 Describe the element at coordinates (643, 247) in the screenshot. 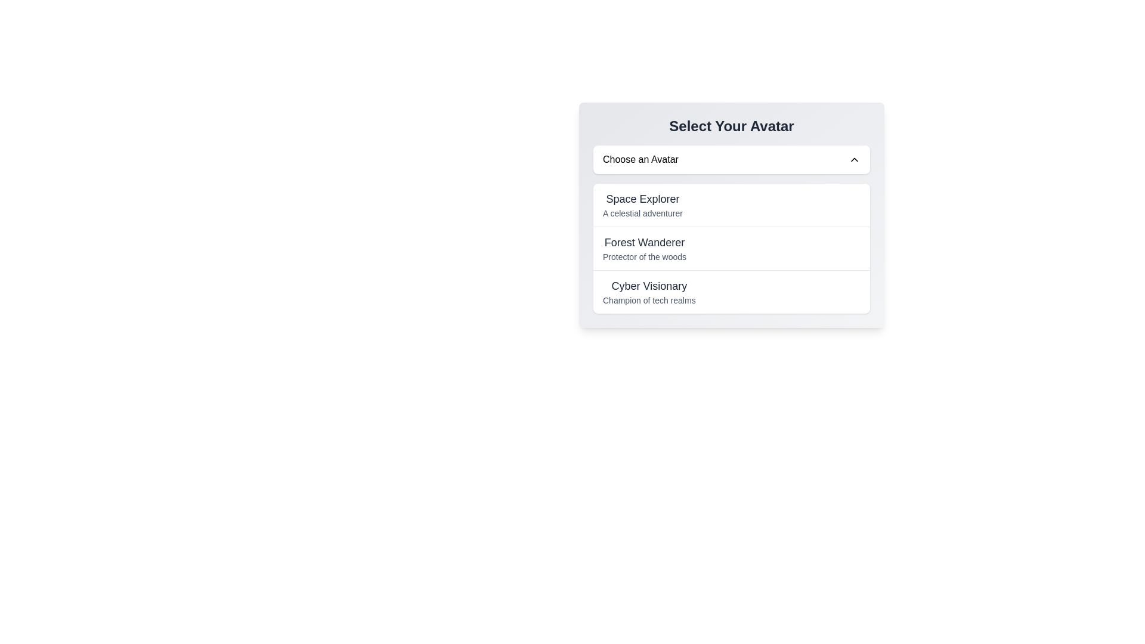

I see `text of the 'Forest Wanderer' avatar option, which is the second item in the 'Select Your Avatar' dropdown menu, to understand its meaning` at that location.